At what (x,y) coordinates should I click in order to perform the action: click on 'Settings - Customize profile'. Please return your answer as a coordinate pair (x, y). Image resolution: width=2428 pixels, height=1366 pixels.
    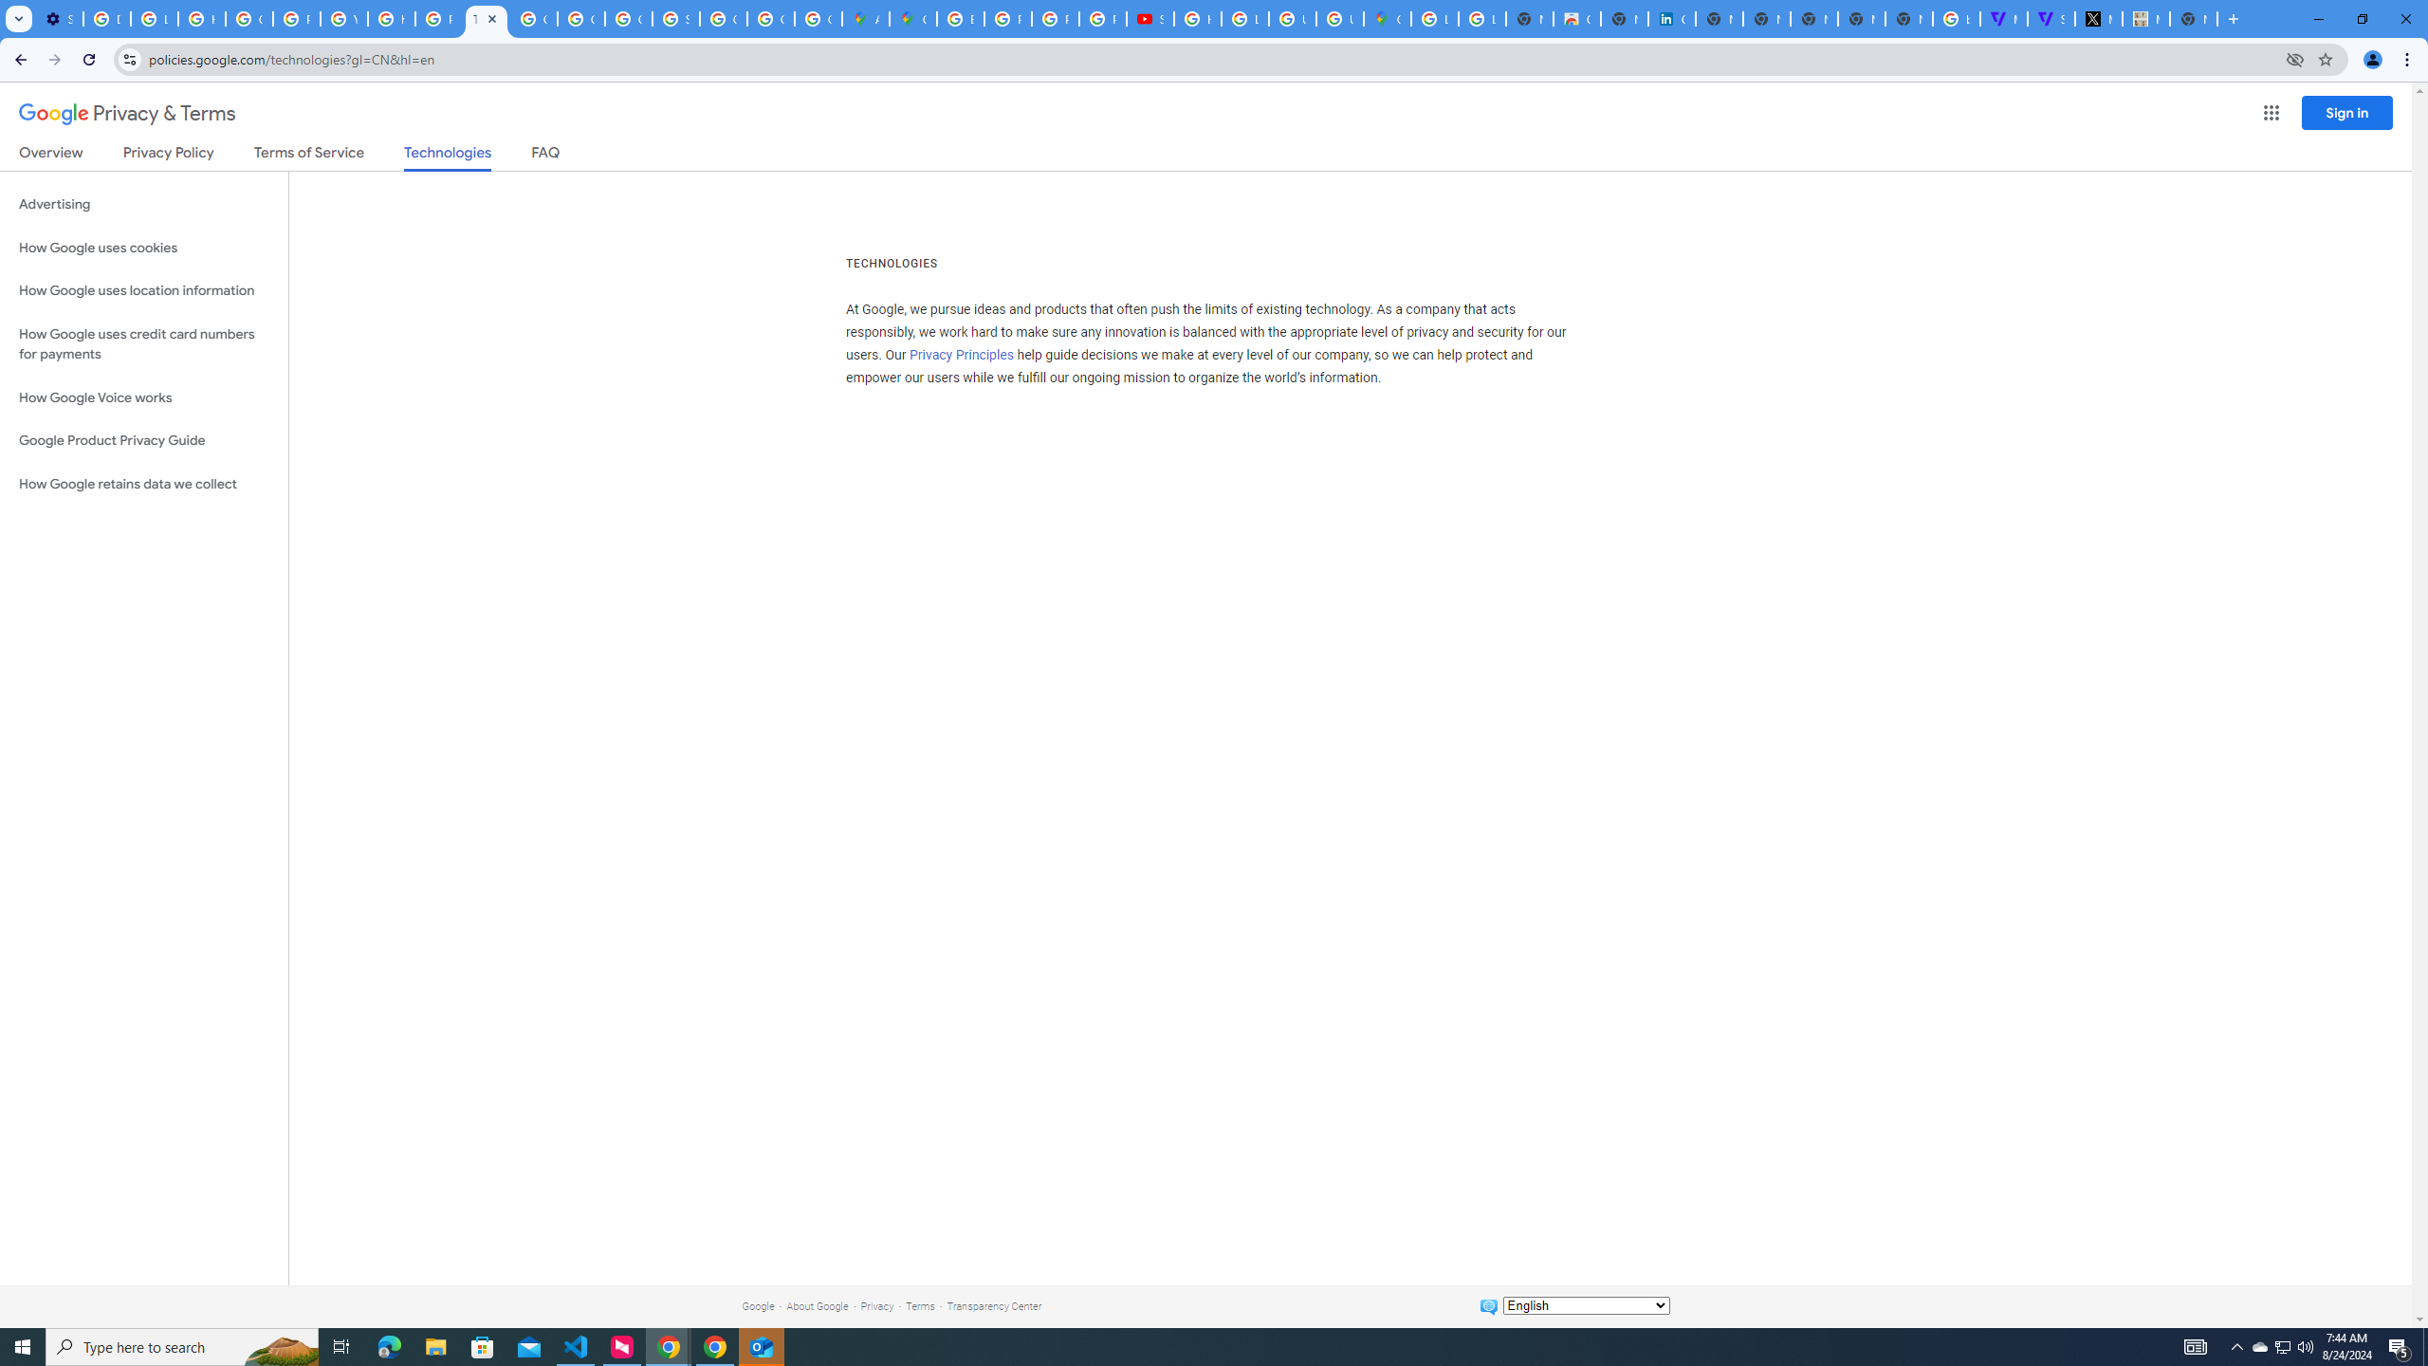
    Looking at the image, I should click on (58, 18).